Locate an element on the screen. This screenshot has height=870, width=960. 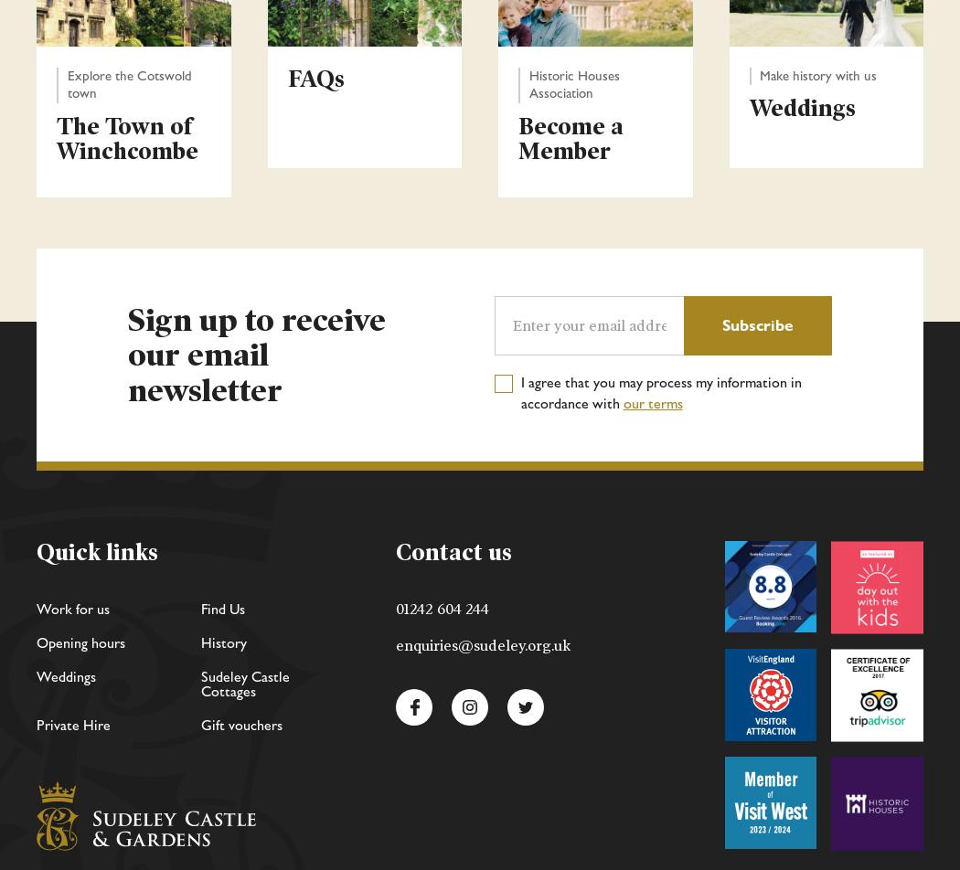
'Subscribe' is located at coordinates (721, 324).